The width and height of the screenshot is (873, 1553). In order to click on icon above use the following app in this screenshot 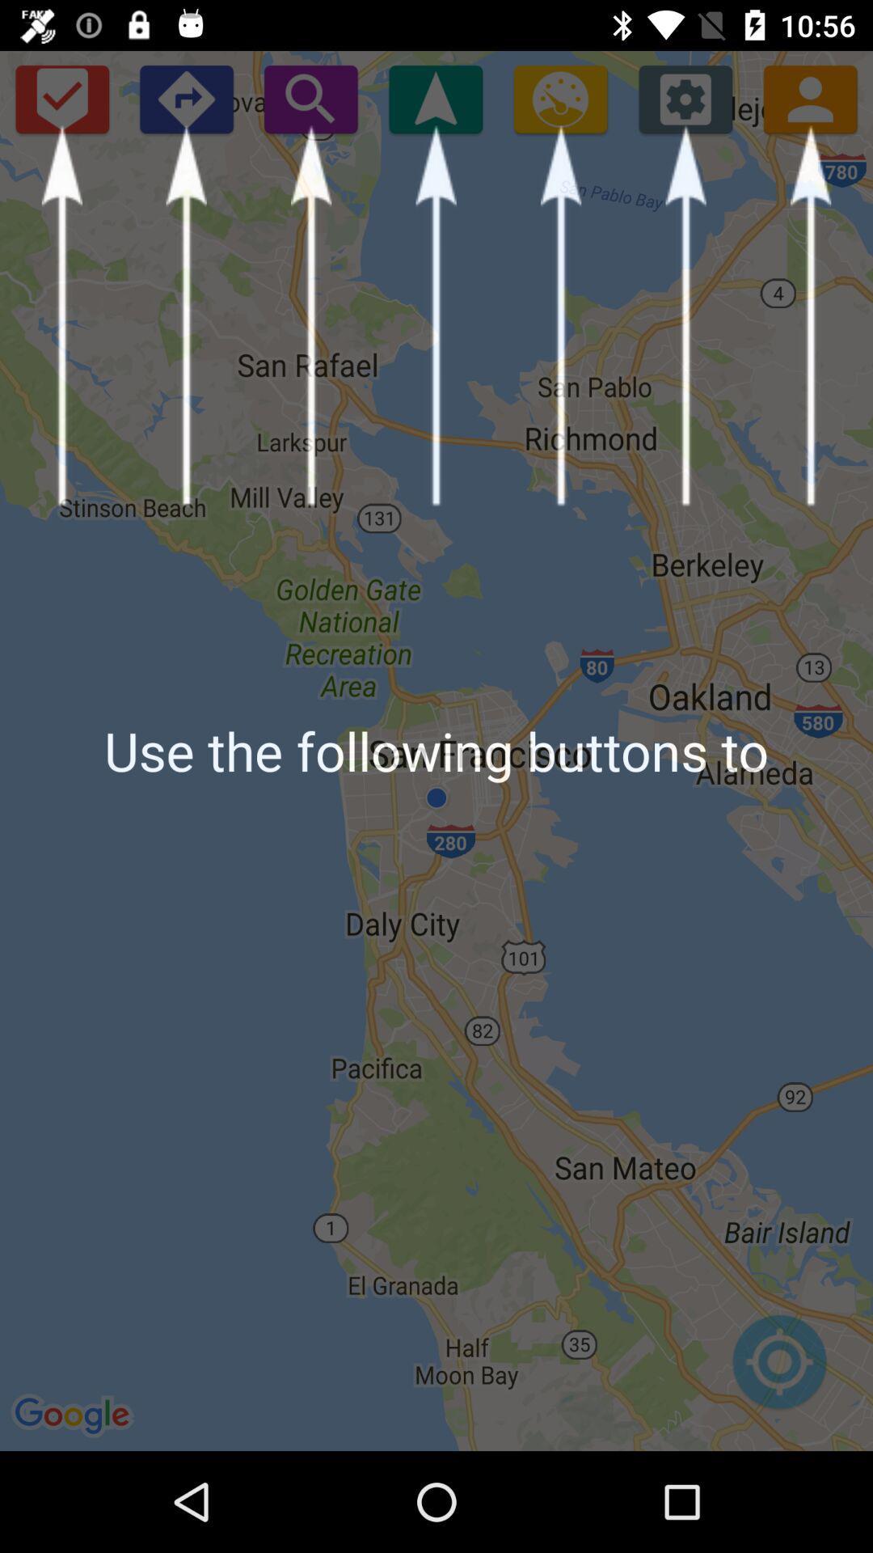, I will do `click(559, 98)`.